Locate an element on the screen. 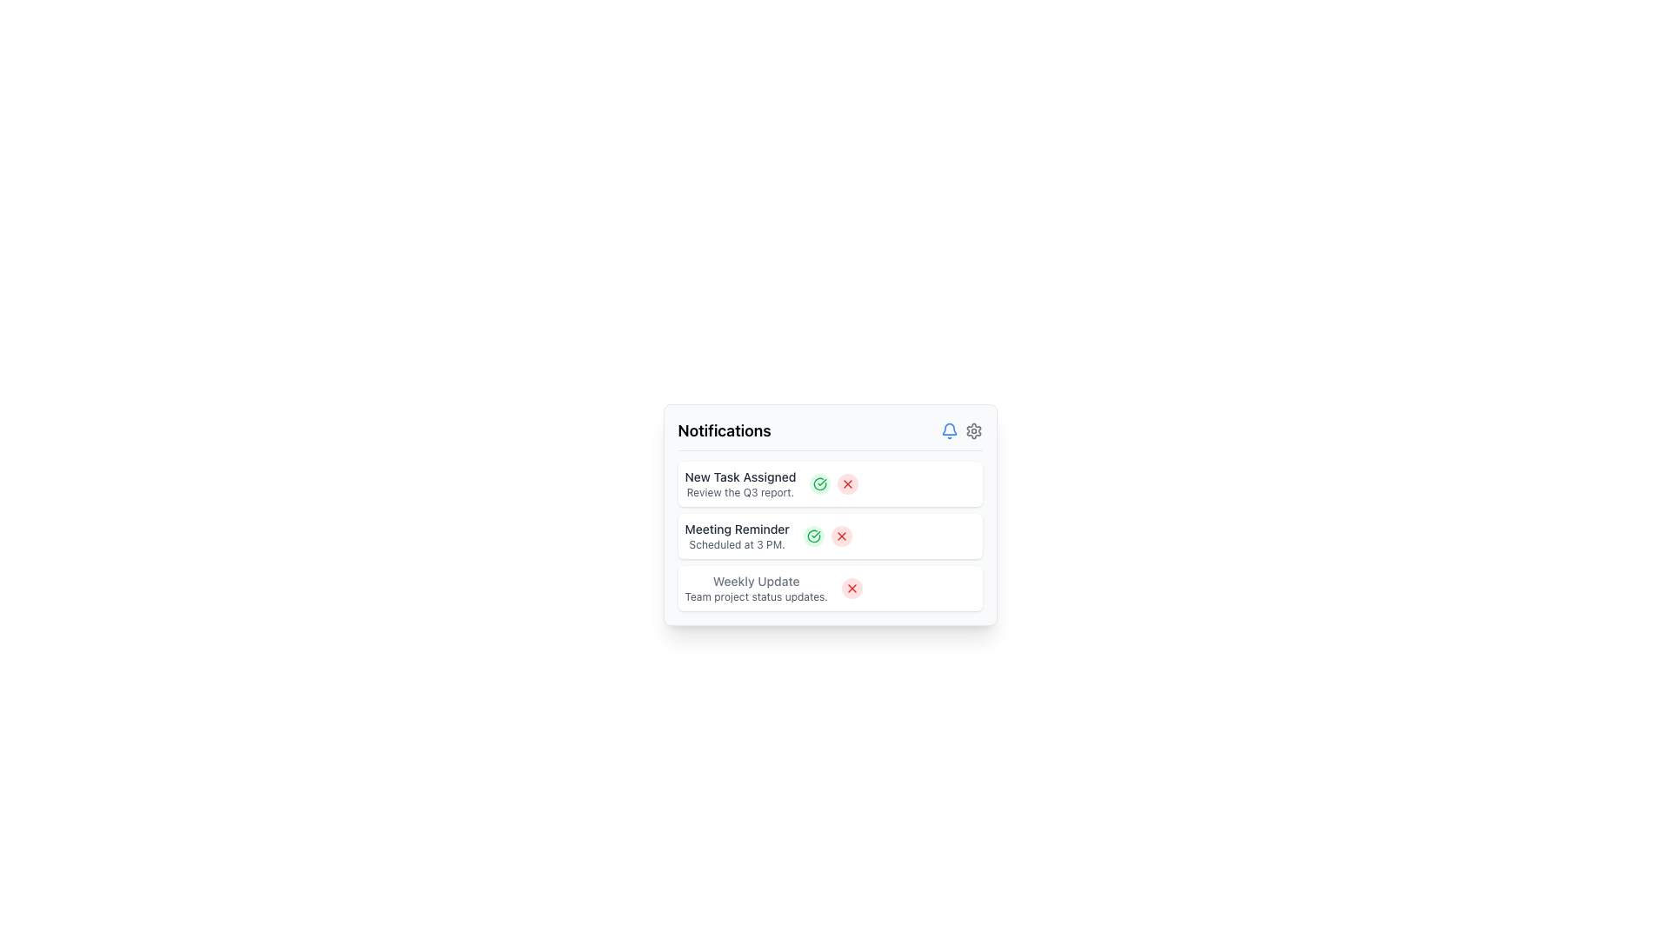  the gear-shaped icon button located at the top-right corner of the notification panel is located at coordinates (972, 430).